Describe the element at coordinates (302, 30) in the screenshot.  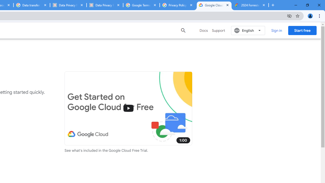
I see `'Start free'` at that location.